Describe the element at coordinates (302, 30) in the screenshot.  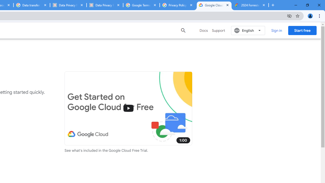
I see `'Start free'` at that location.